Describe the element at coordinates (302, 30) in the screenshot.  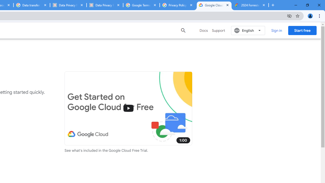
I see `'Start free'` at that location.